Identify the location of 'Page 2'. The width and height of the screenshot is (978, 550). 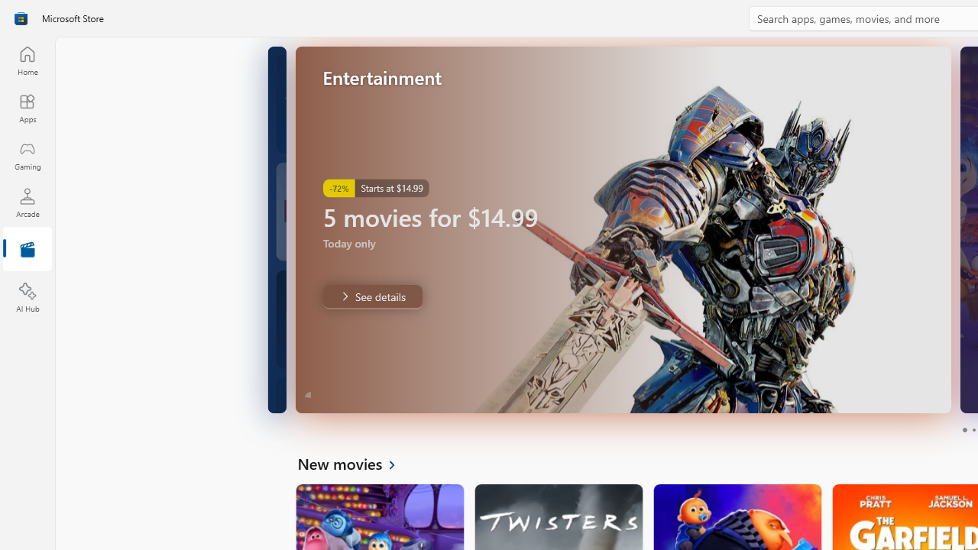
(973, 430).